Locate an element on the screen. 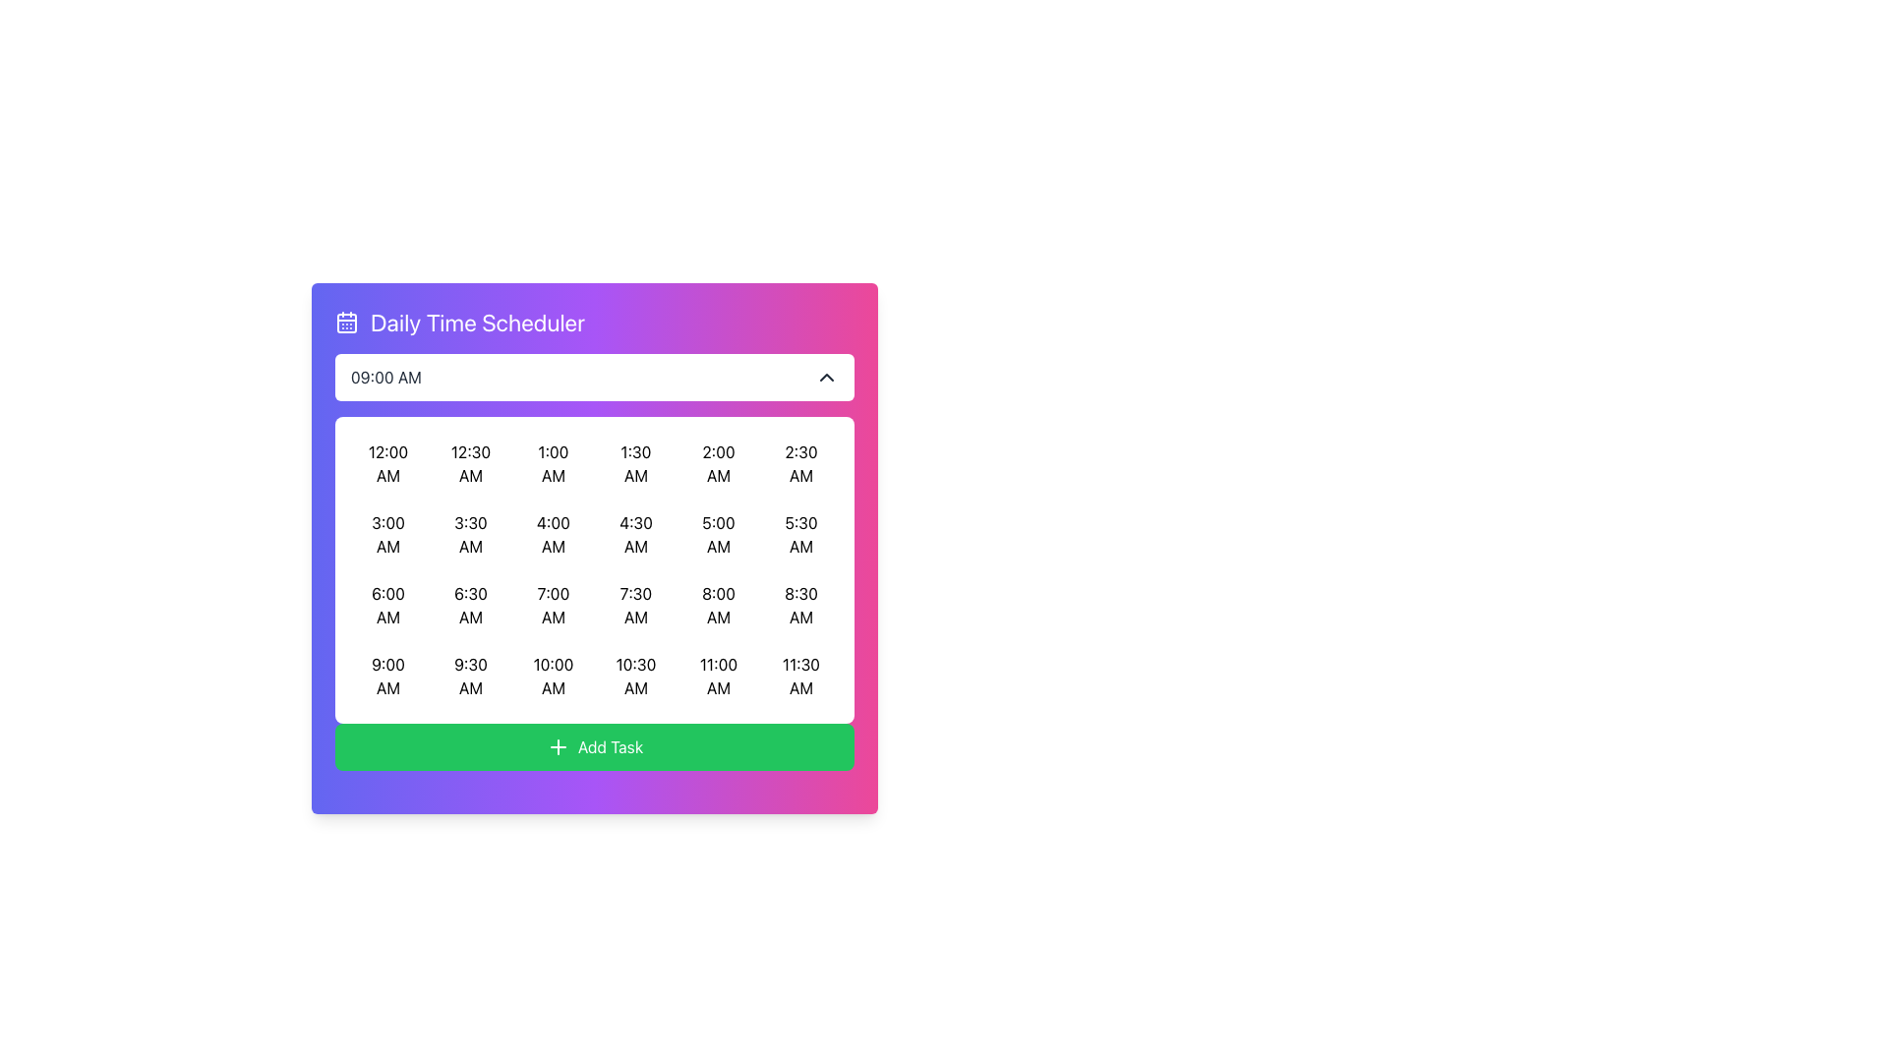 The height and width of the screenshot is (1062, 1888). the green 'Add Task' button with a '+' icon is located at coordinates (593, 746).